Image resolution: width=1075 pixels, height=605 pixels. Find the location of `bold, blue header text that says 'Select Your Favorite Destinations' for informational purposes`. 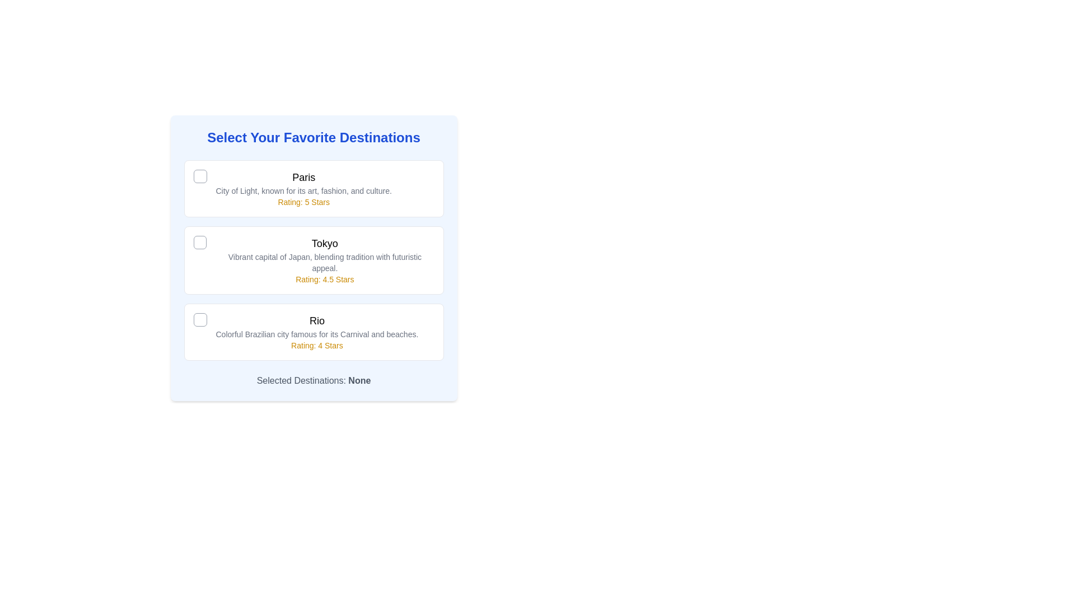

bold, blue header text that says 'Select Your Favorite Destinations' for informational purposes is located at coordinates (314, 137).